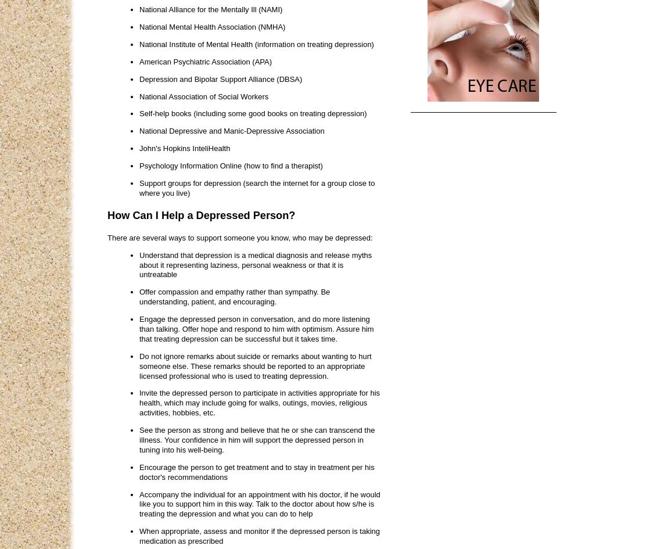 Image resolution: width=668 pixels, height=549 pixels. I want to click on 'National Alliance for the Mentally Ill (NAMI)', so click(211, 9).